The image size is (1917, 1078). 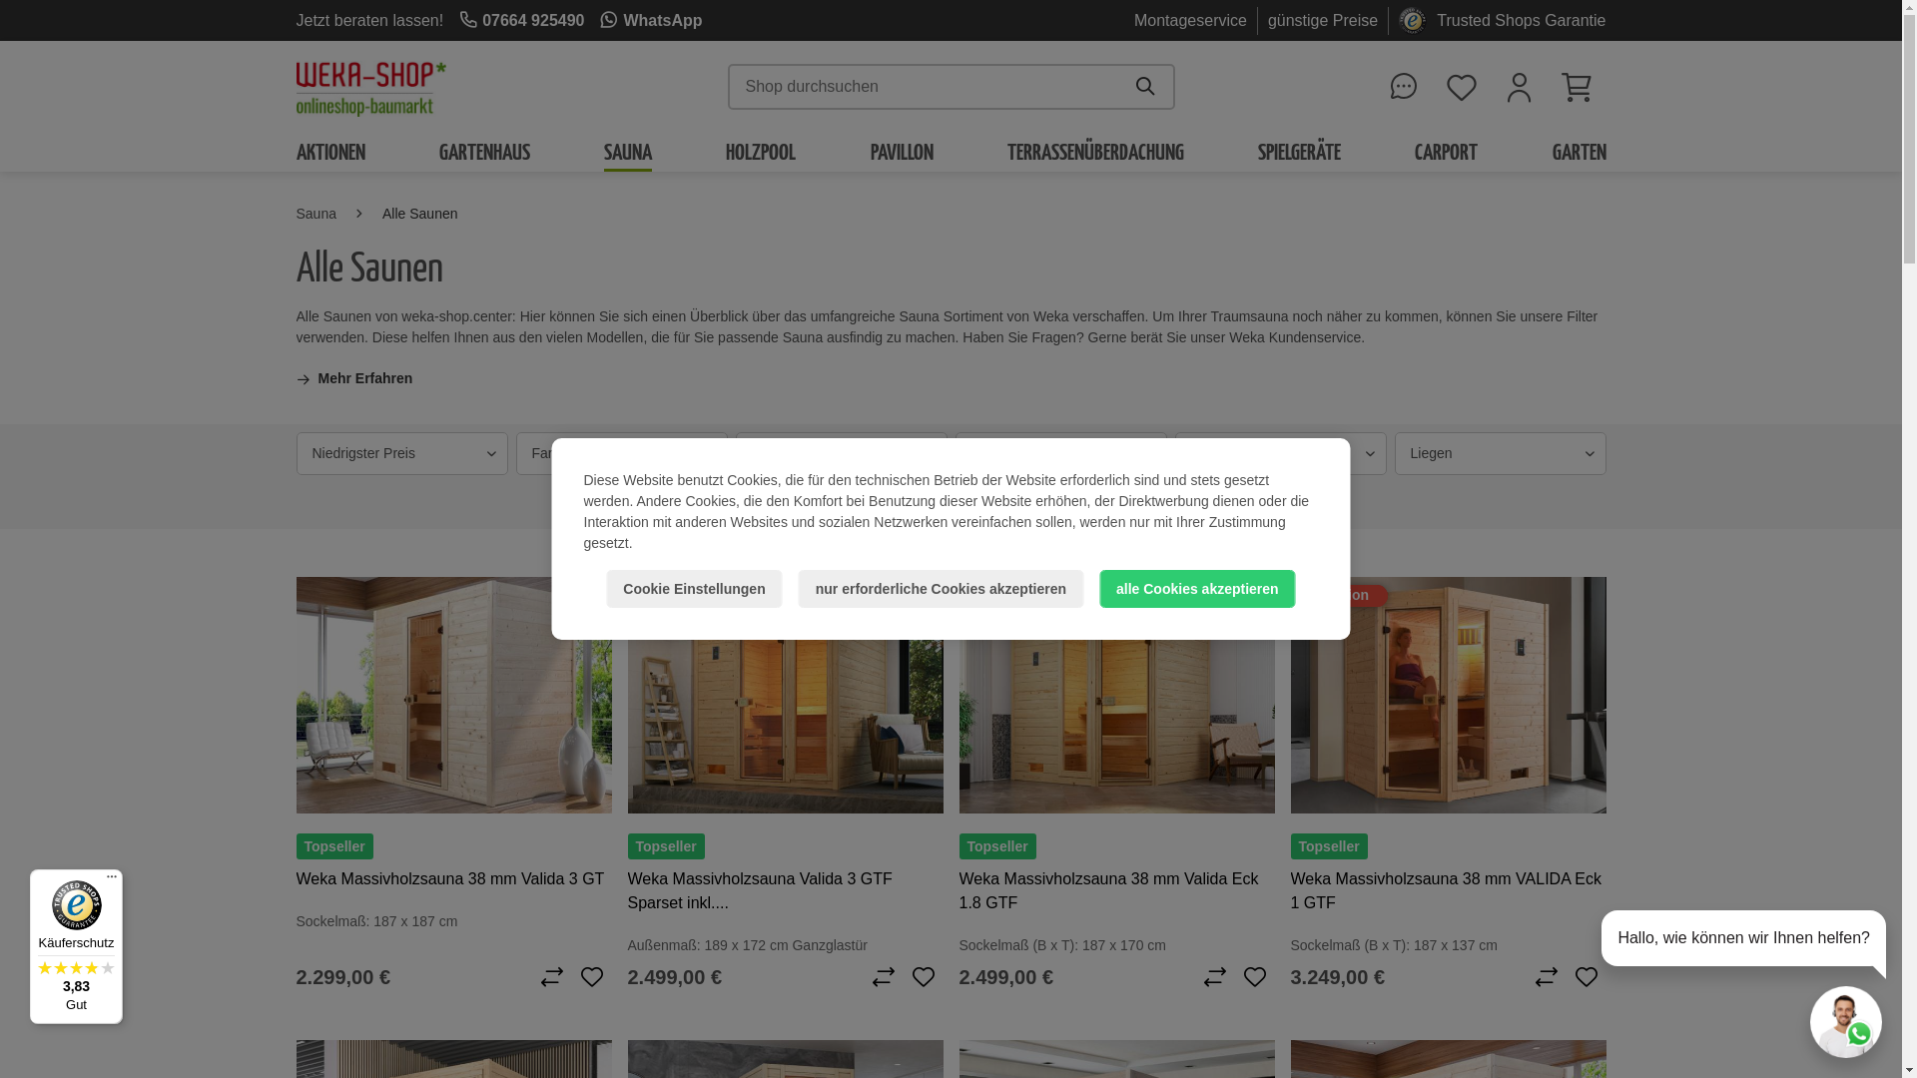 I want to click on 'Trusted Shops Garantie', so click(x=1520, y=19).